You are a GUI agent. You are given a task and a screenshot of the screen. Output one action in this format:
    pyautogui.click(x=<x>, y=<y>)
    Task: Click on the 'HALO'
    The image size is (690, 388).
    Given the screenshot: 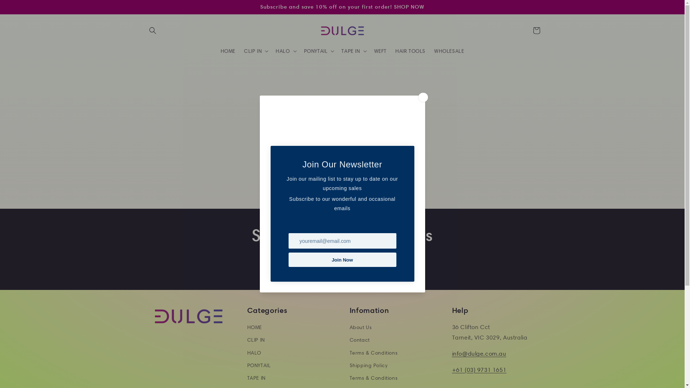 What is the action you would take?
    pyautogui.click(x=254, y=352)
    